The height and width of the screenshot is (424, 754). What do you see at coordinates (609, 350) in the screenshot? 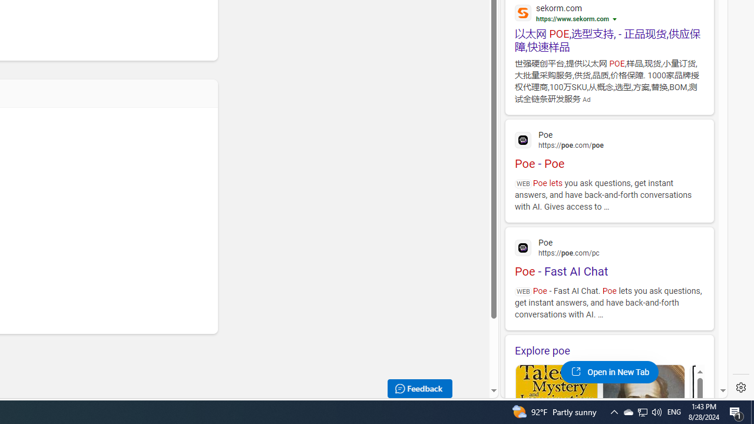
I see `'Explore poe'` at bounding box center [609, 350].